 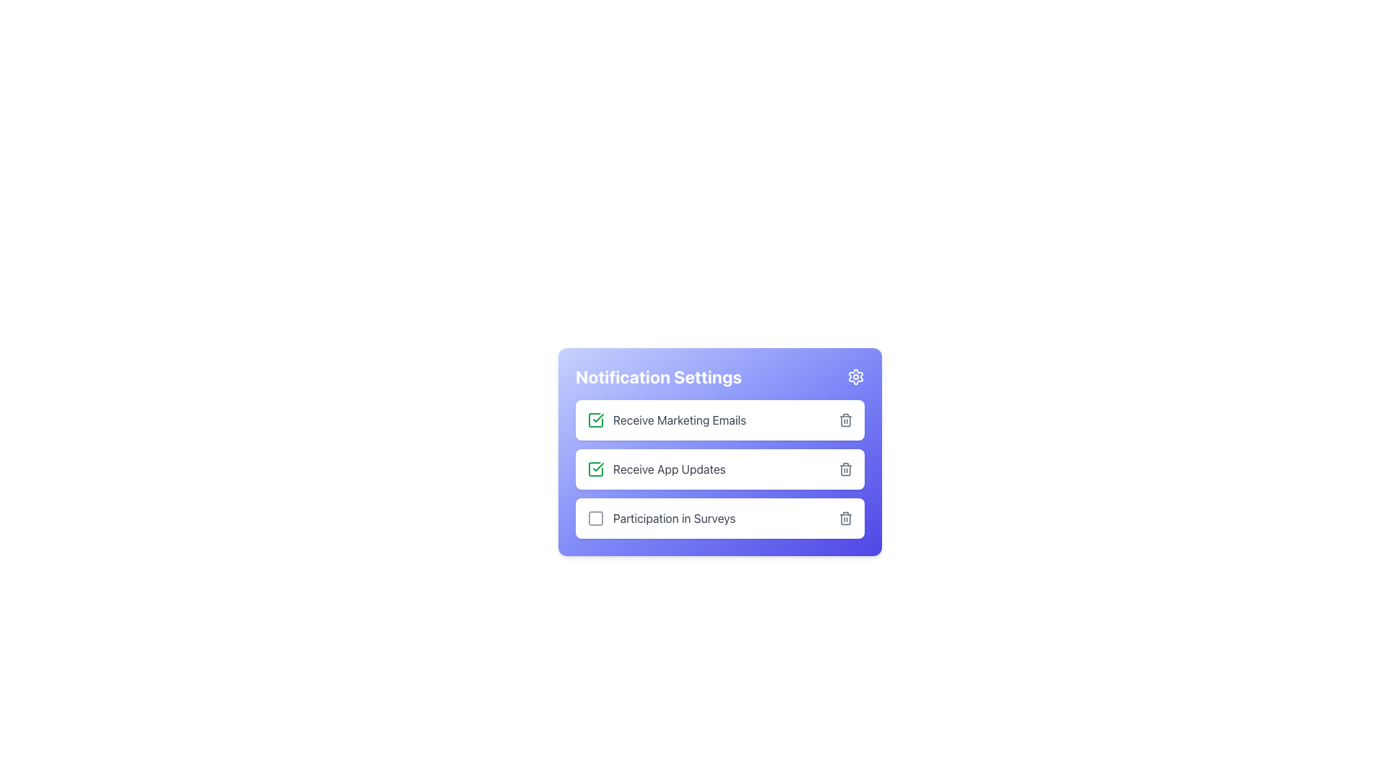 What do you see at coordinates (655, 469) in the screenshot?
I see `the interactive selection item for enabling or disabling updates related to the application, located in the Notification Settings card, positioned below 'Receive Marketing Emails' and above 'Participation in Surveys'` at bounding box center [655, 469].